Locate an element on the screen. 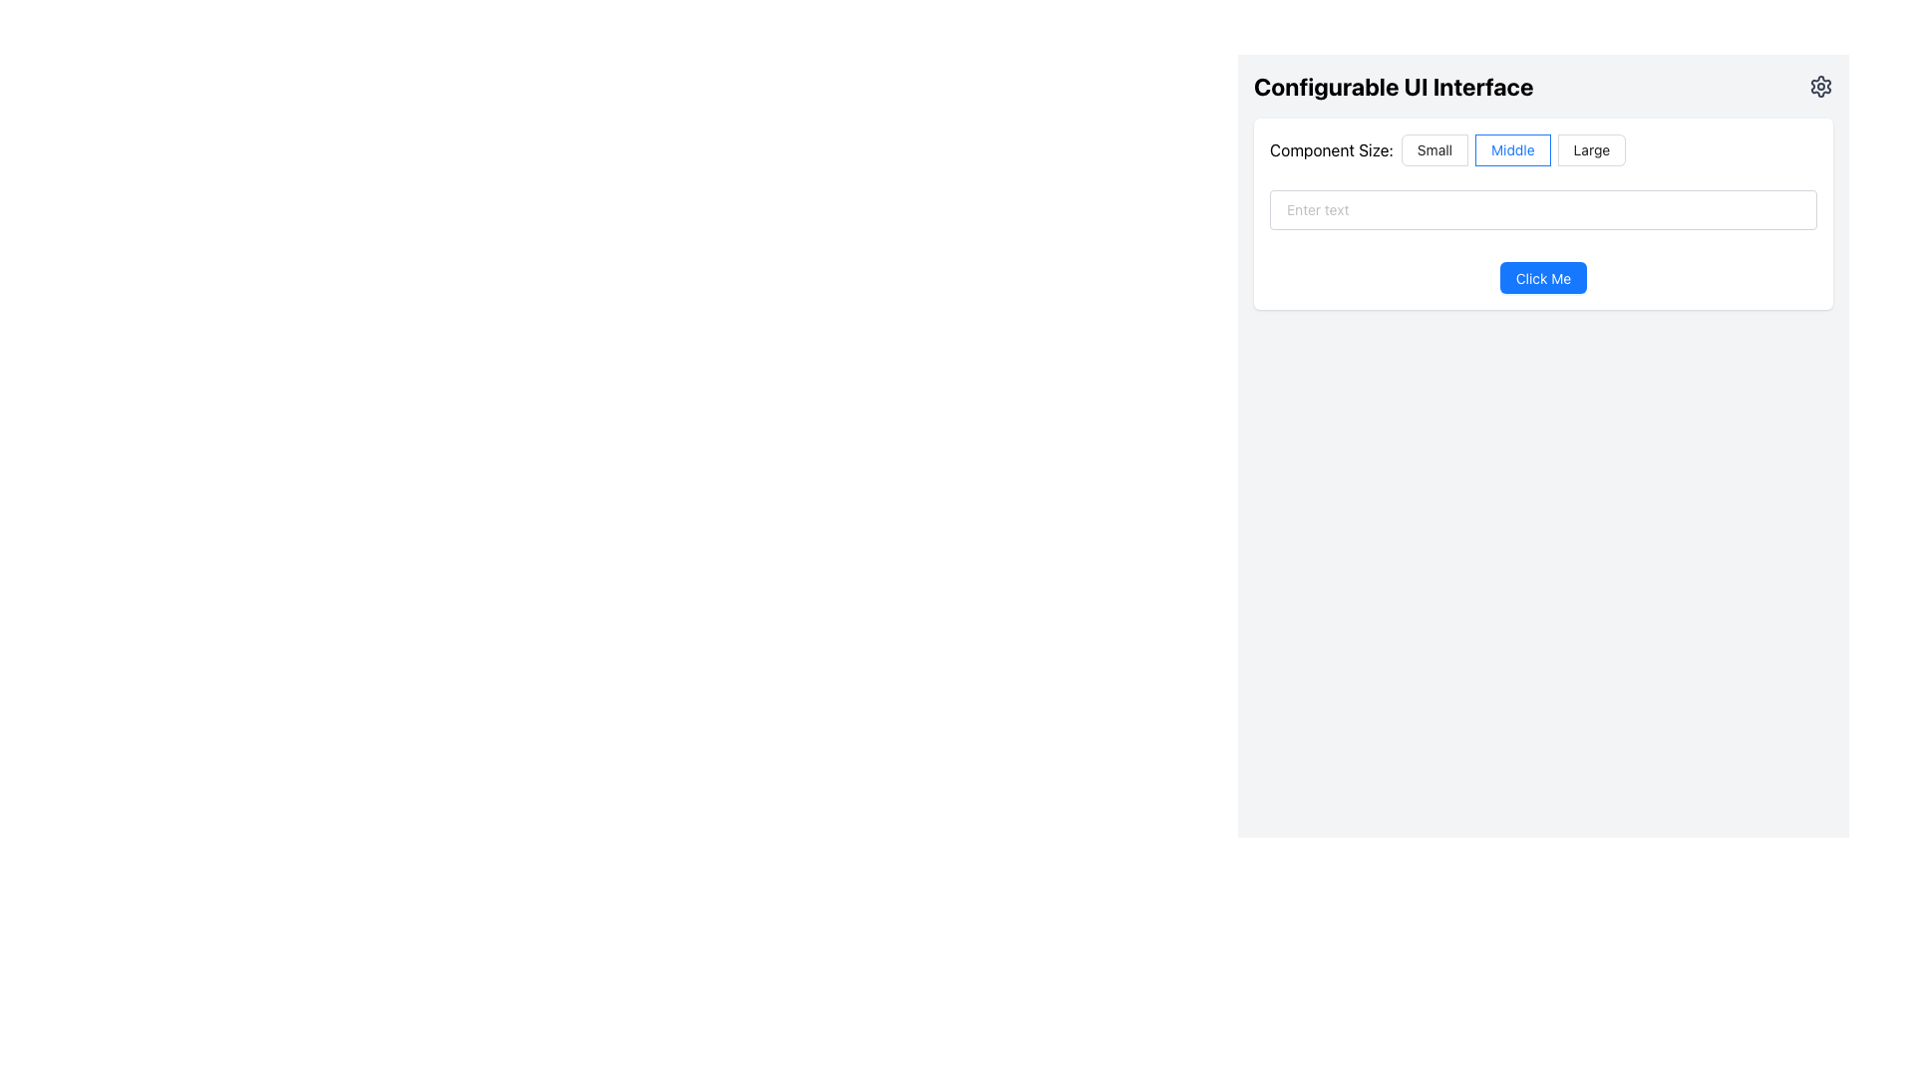  the radio button labeled 'Middle' is located at coordinates (1512, 148).